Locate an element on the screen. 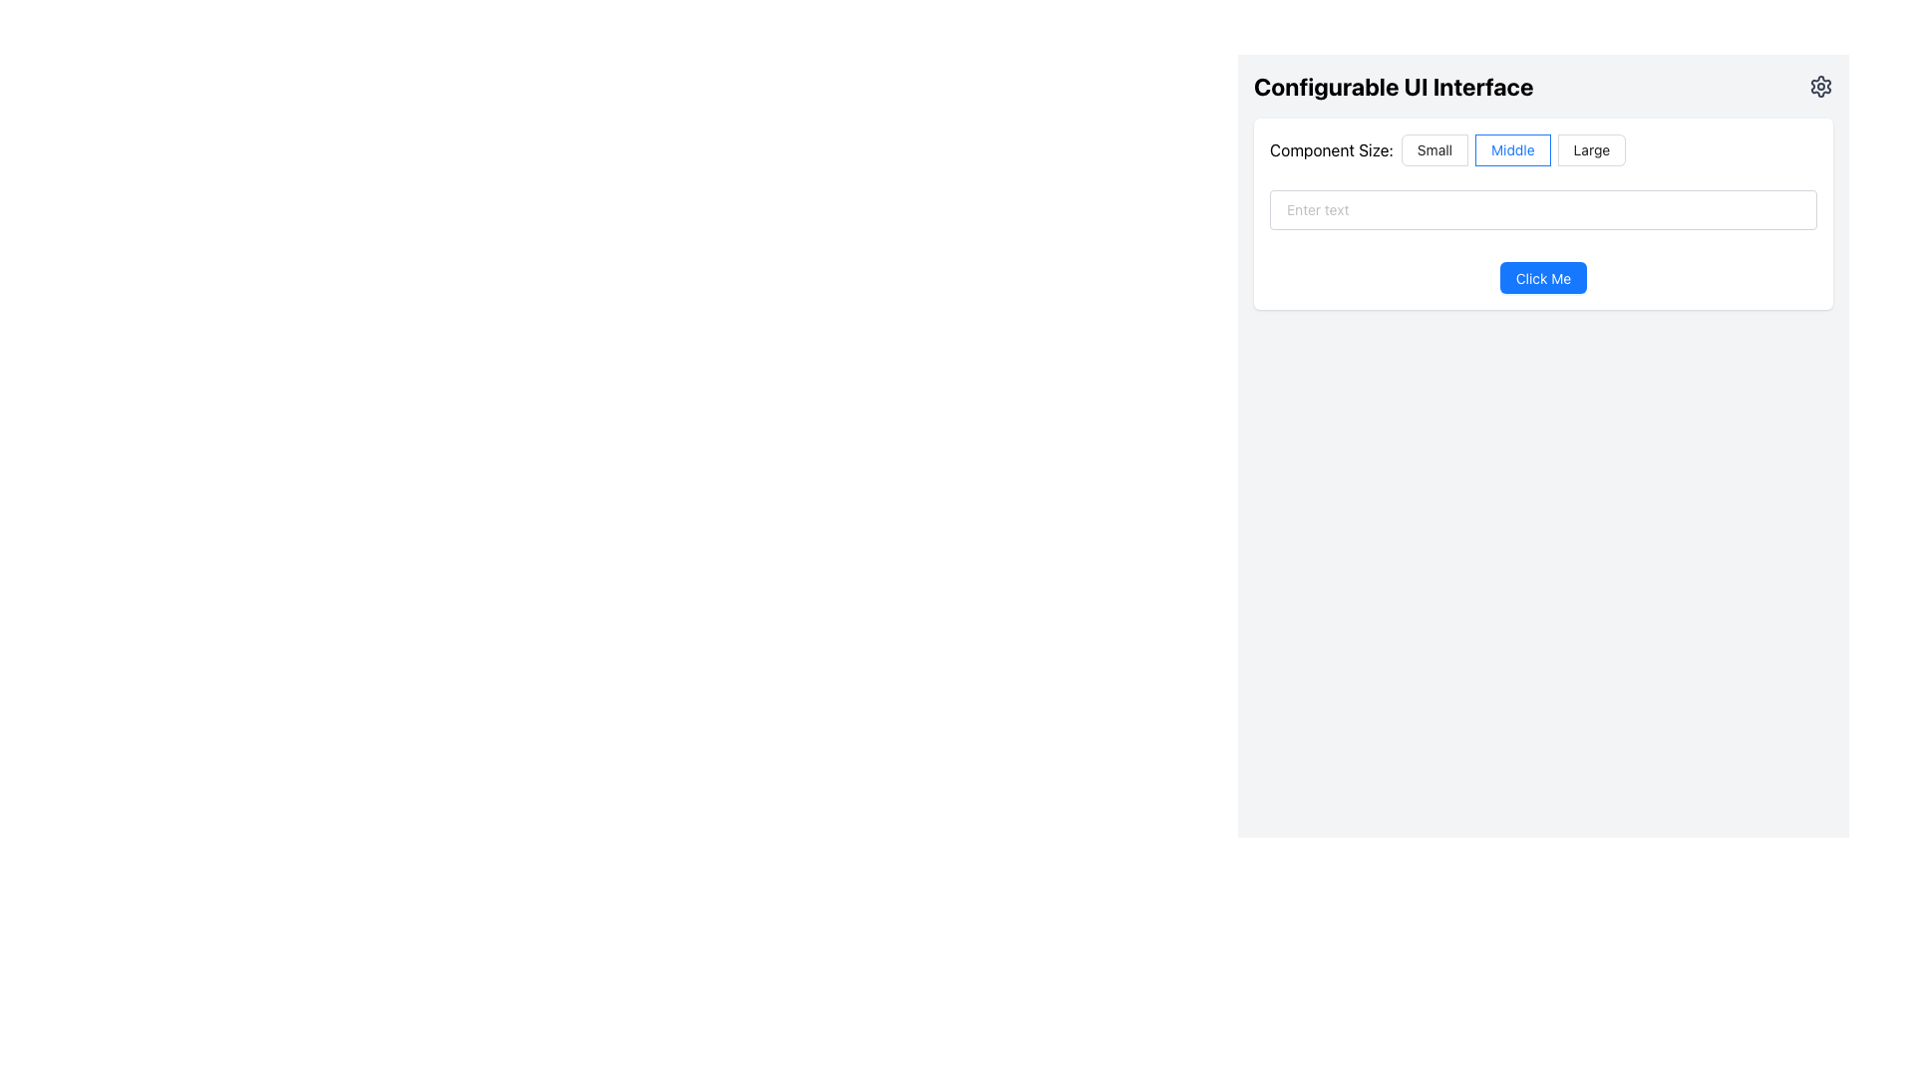  the radio button labeled 'Middle' is located at coordinates (1512, 148).